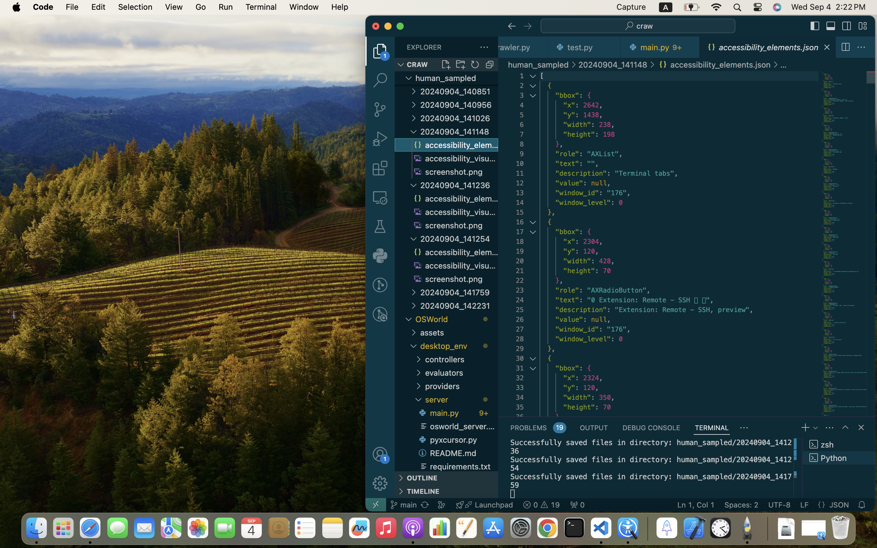 Image resolution: width=877 pixels, height=548 pixels. I want to click on 'OUTLINE ', so click(446, 477).